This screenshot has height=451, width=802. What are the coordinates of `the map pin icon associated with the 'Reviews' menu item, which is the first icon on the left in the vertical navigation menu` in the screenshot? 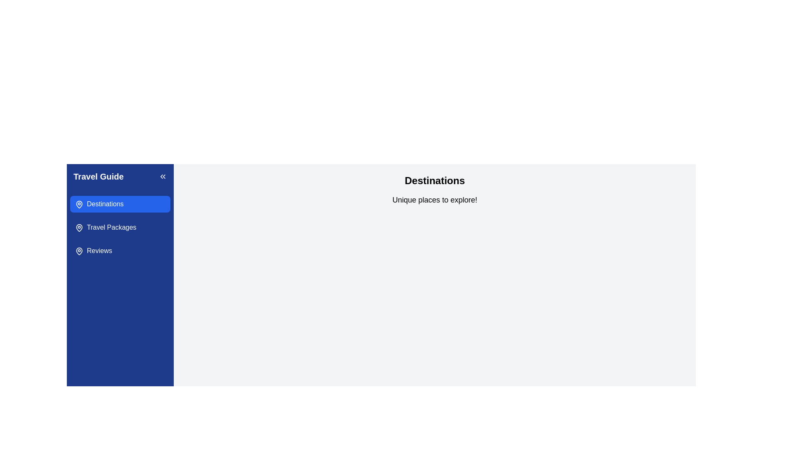 It's located at (79, 251).